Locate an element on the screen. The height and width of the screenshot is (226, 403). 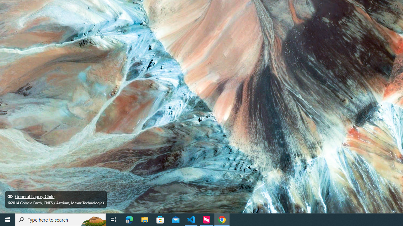
'Microsoft Store' is located at coordinates (160, 219).